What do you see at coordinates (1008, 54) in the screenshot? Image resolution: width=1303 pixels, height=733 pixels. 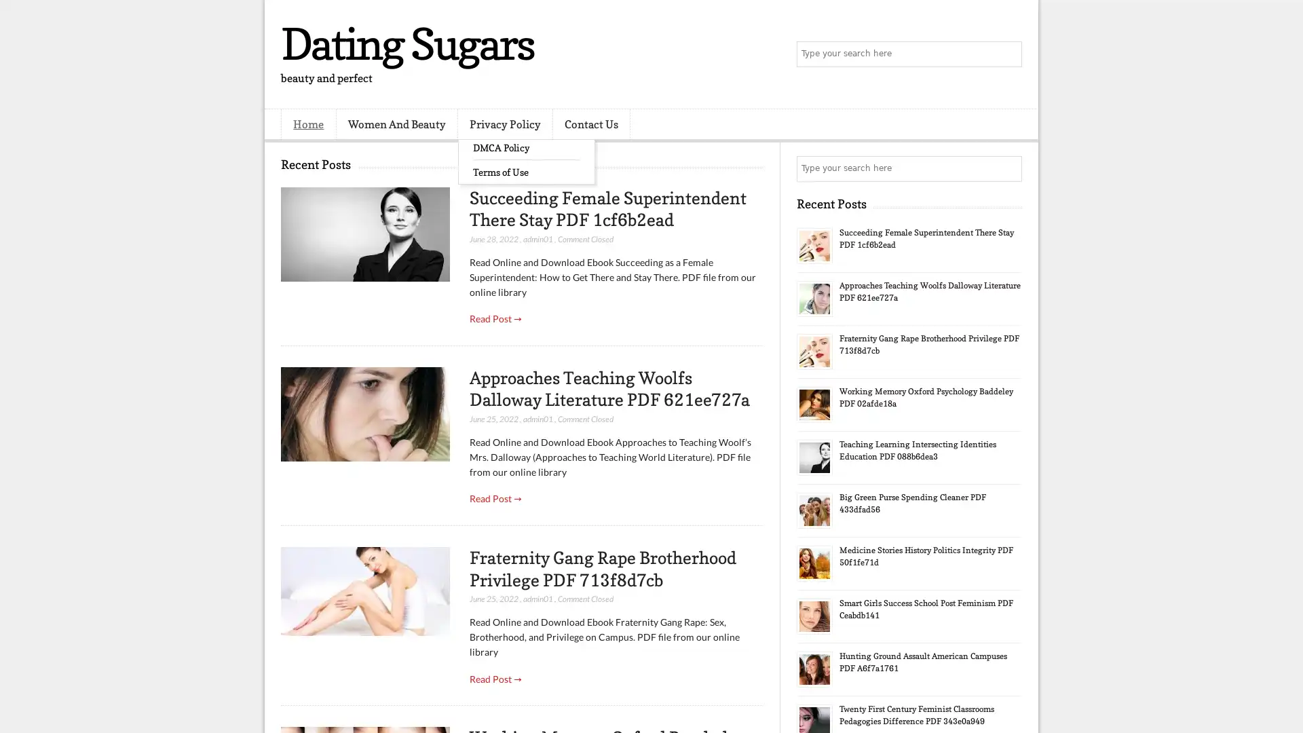 I see `Search` at bounding box center [1008, 54].